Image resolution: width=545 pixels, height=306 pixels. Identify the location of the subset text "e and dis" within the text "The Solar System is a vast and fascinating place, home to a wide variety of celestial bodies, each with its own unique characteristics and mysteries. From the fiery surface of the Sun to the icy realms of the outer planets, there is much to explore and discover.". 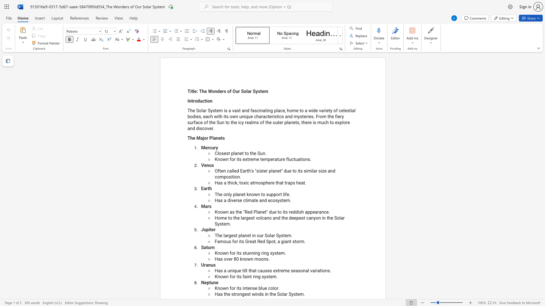
(347, 122).